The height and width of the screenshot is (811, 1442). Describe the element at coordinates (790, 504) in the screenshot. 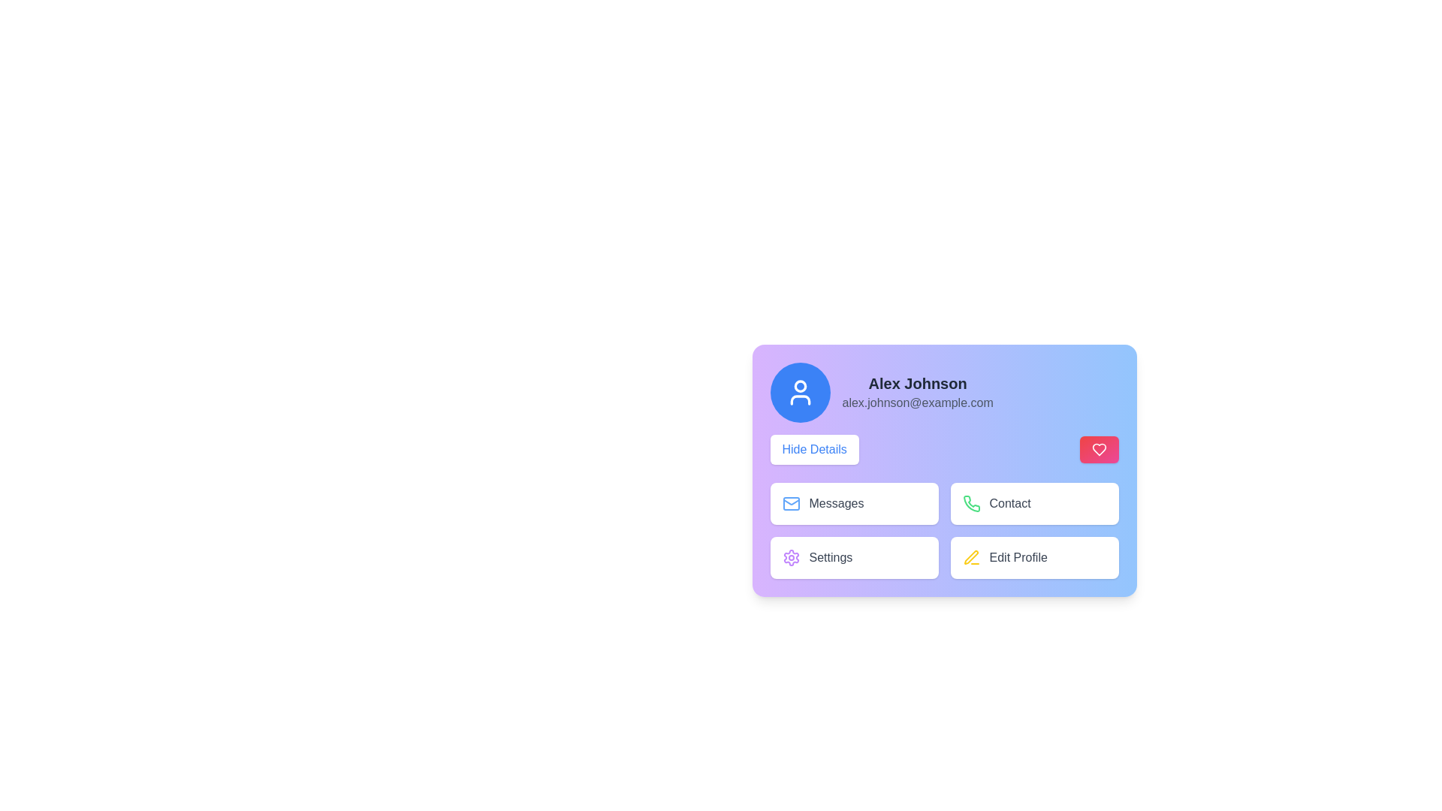

I see `the blue mail icon resembling an envelope located in the 'Messages' section of the card interface, positioned at the top-left corner next to the 'Messages' label` at that location.